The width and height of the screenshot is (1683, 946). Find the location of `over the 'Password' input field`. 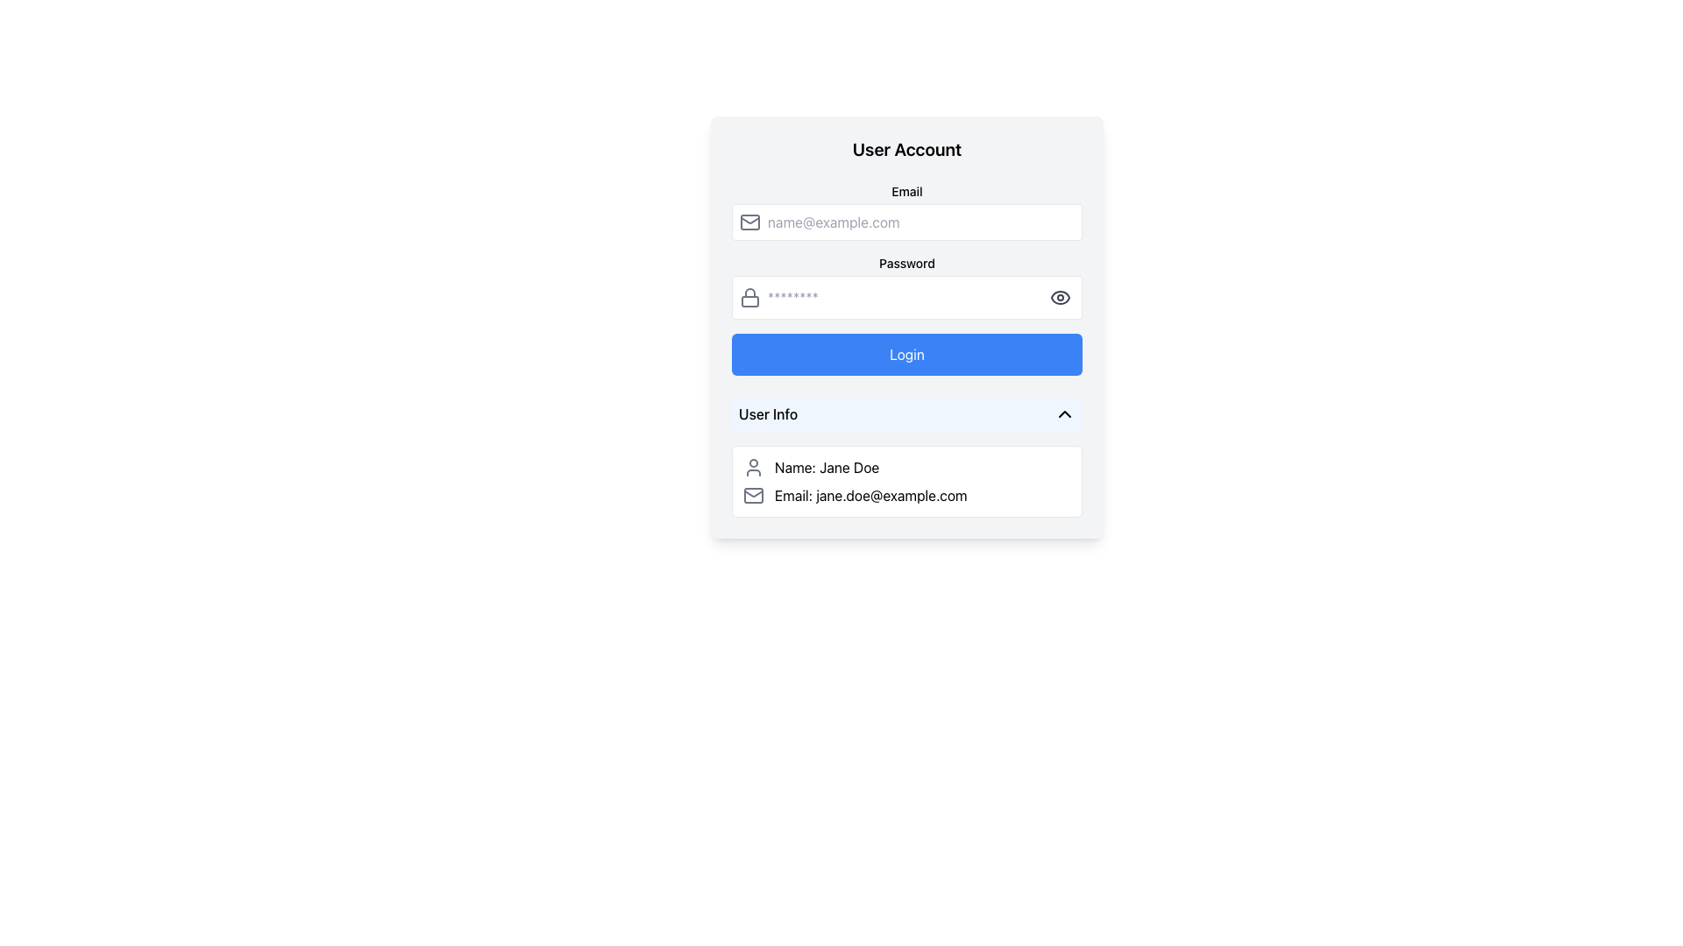

over the 'Password' input field is located at coordinates (907, 286).